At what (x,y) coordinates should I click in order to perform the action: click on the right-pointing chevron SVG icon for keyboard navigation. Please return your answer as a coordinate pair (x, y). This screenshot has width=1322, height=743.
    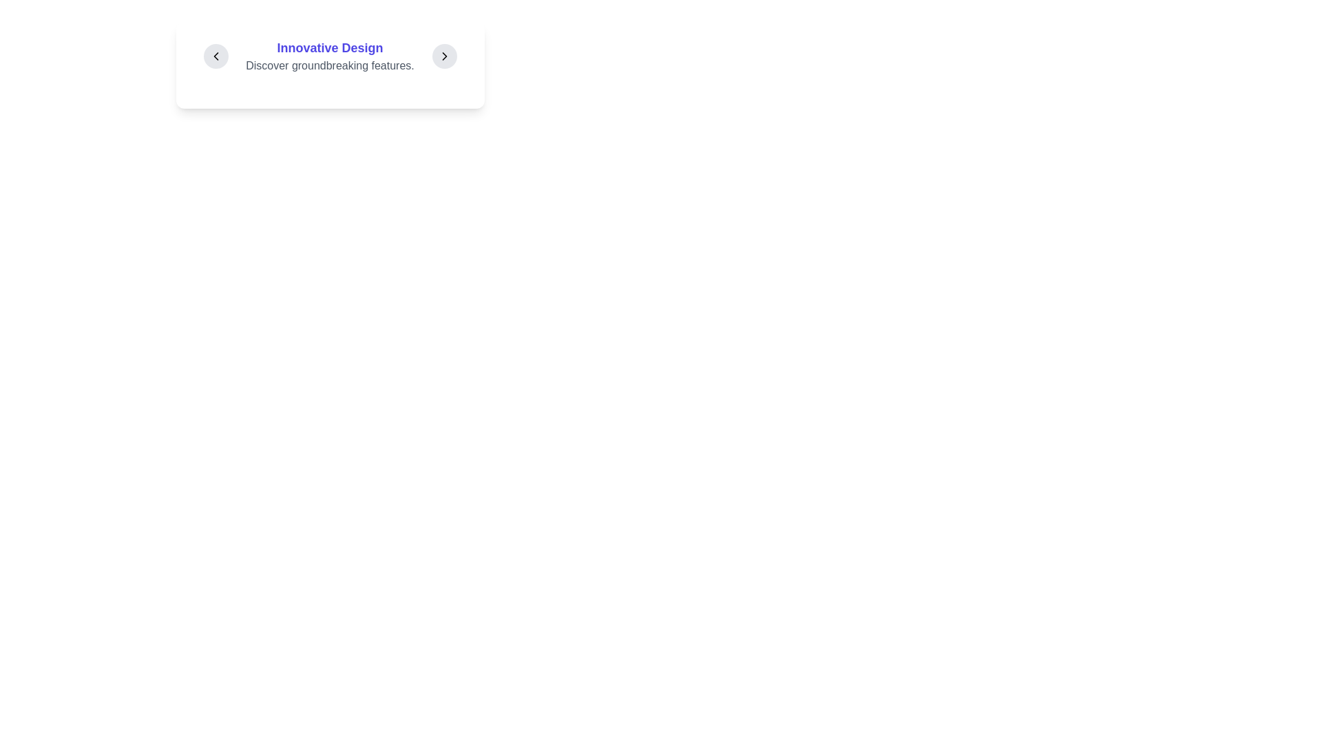
    Looking at the image, I should click on (444, 55).